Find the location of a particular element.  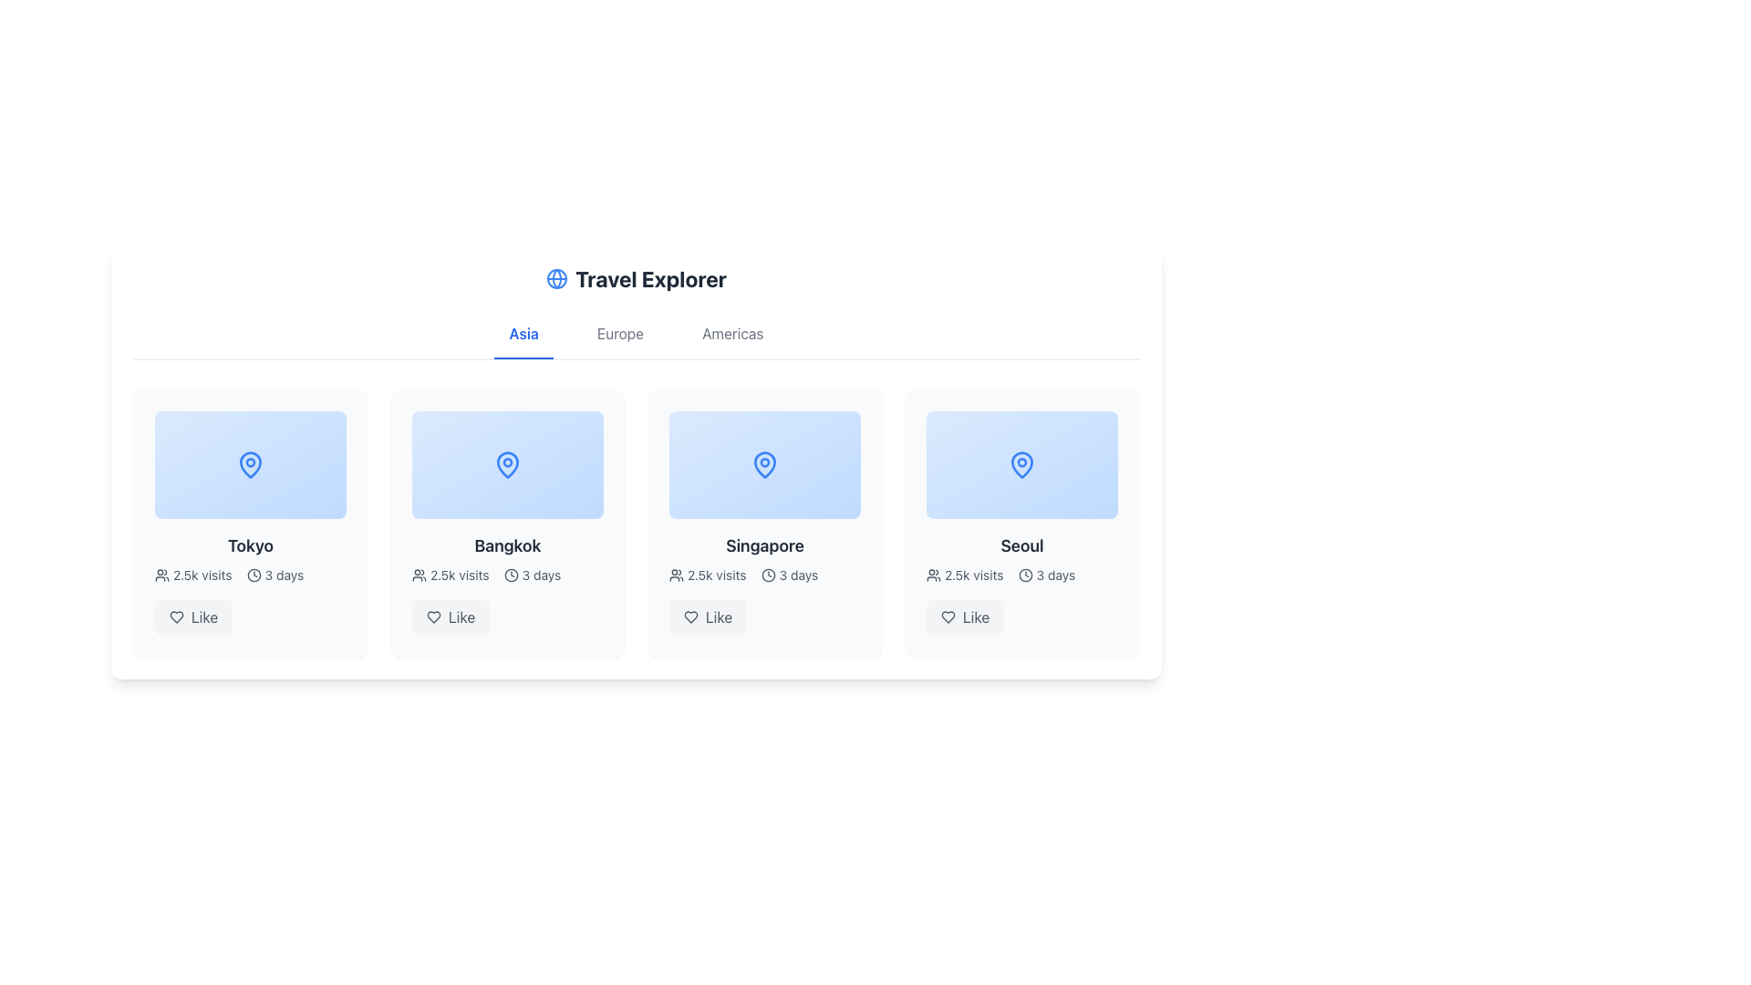

the like button located at the bottom right corner of the Singapore card to trigger a hover effect is located at coordinates (707, 617).